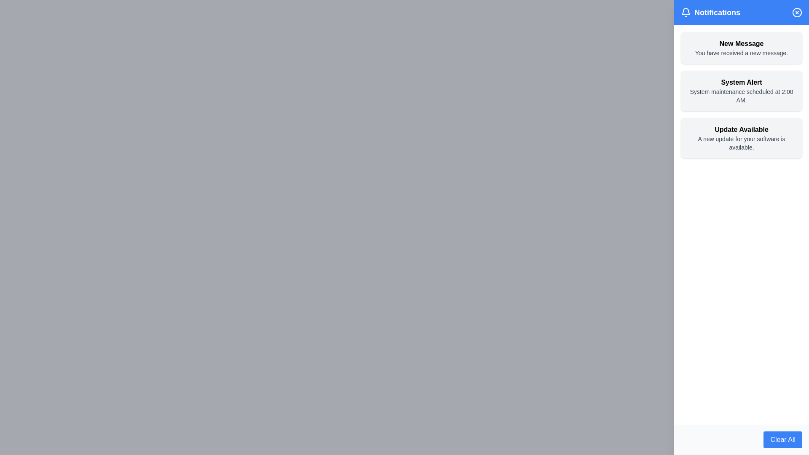  I want to click on the close button for the notification panel, which is located at the top-right corner of the panel, so click(796, 13).